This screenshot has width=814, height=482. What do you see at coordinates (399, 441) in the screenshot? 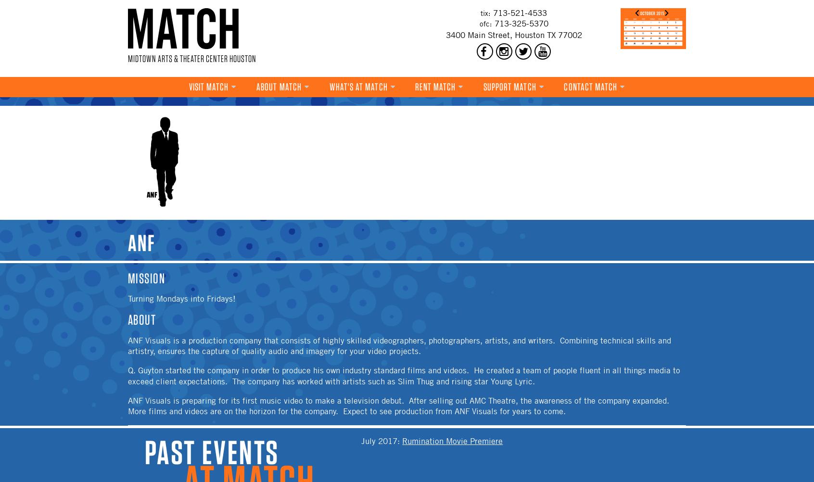
I see `':'` at bounding box center [399, 441].